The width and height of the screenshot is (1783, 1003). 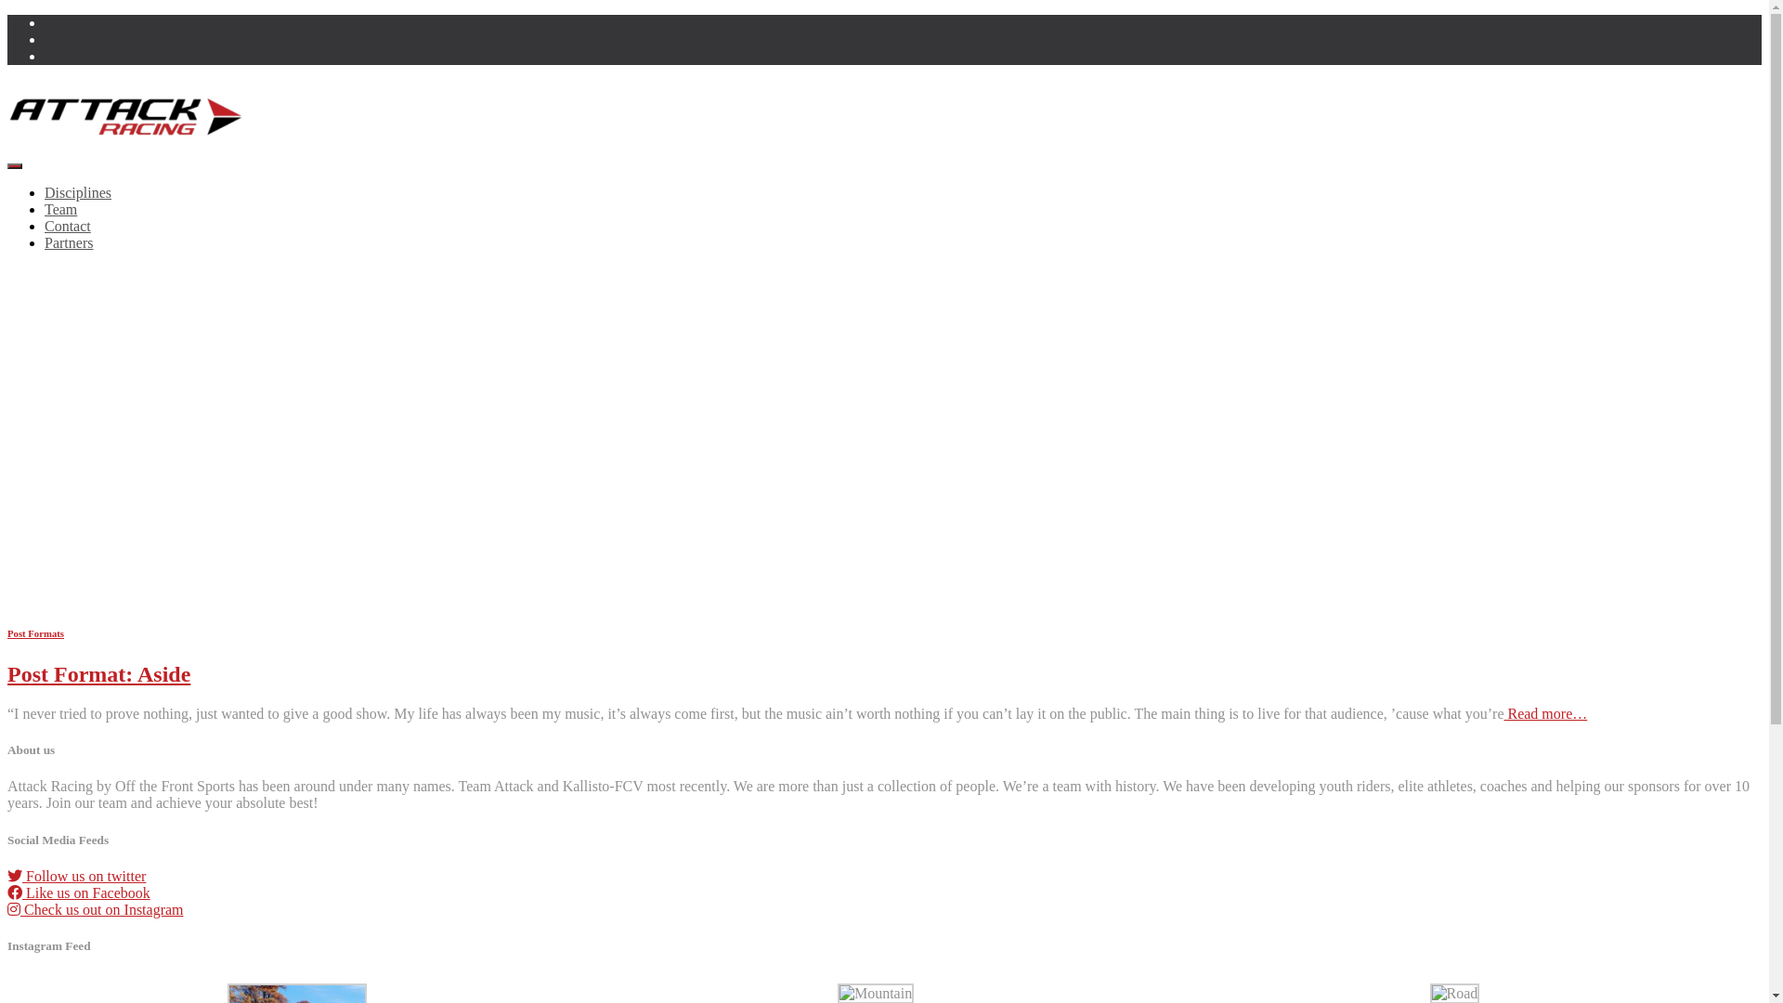 What do you see at coordinates (35, 632) in the screenshot?
I see `'Post Formats'` at bounding box center [35, 632].